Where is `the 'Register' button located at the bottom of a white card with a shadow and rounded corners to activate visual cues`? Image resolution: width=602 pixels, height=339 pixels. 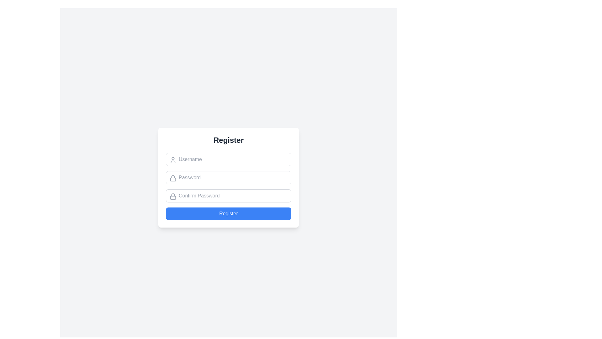 the 'Register' button located at the bottom of a white card with a shadow and rounded corners to activate visual cues is located at coordinates (228, 213).